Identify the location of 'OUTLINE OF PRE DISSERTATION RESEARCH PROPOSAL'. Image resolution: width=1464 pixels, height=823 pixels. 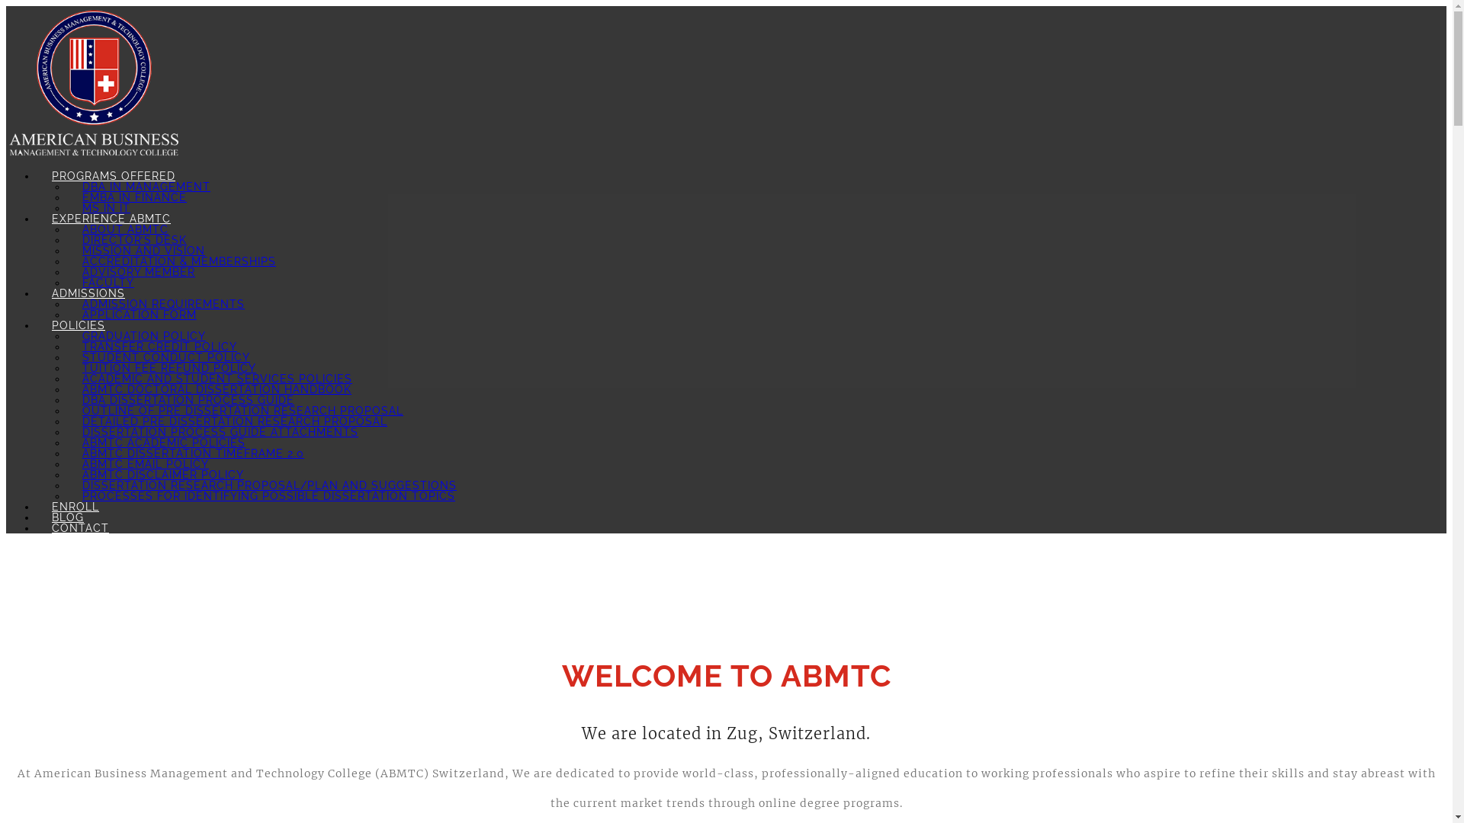
(242, 410).